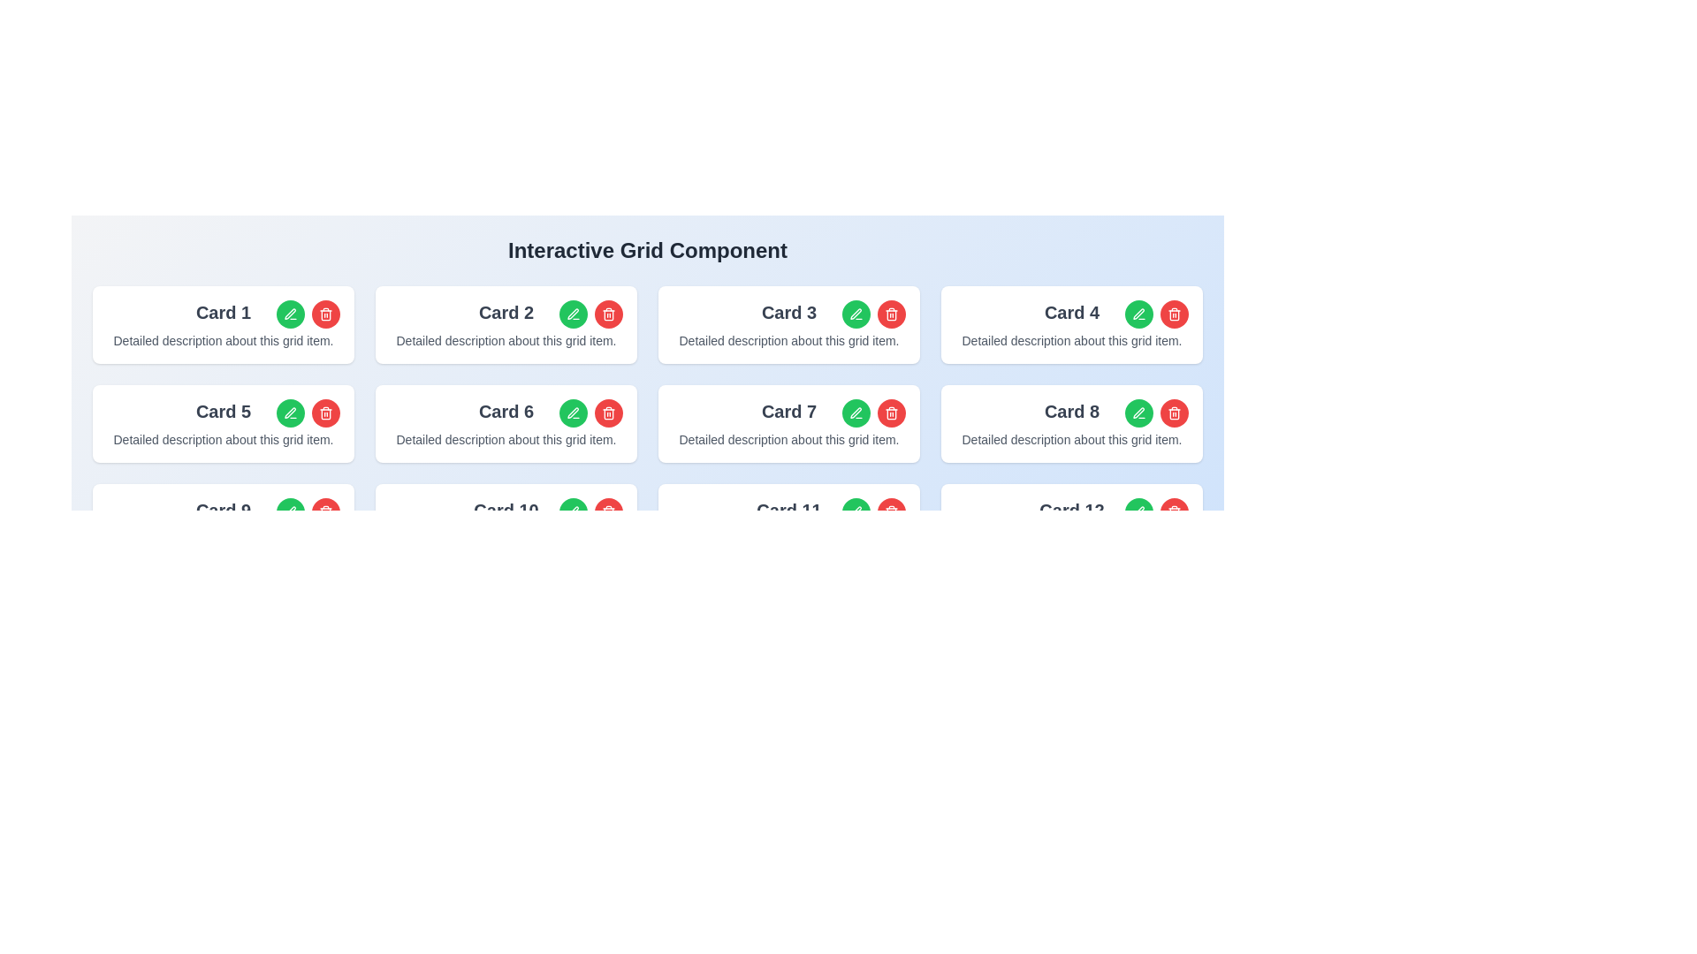 This screenshot has width=1697, height=954. What do you see at coordinates (326, 413) in the screenshot?
I see `the circular red button with a white trash can icon located in the top-right corner of 'Card 5'` at bounding box center [326, 413].